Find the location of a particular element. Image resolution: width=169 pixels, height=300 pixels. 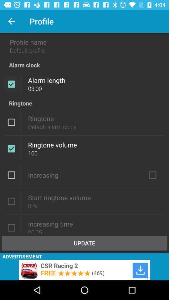

increasing option is located at coordinates (152, 175).